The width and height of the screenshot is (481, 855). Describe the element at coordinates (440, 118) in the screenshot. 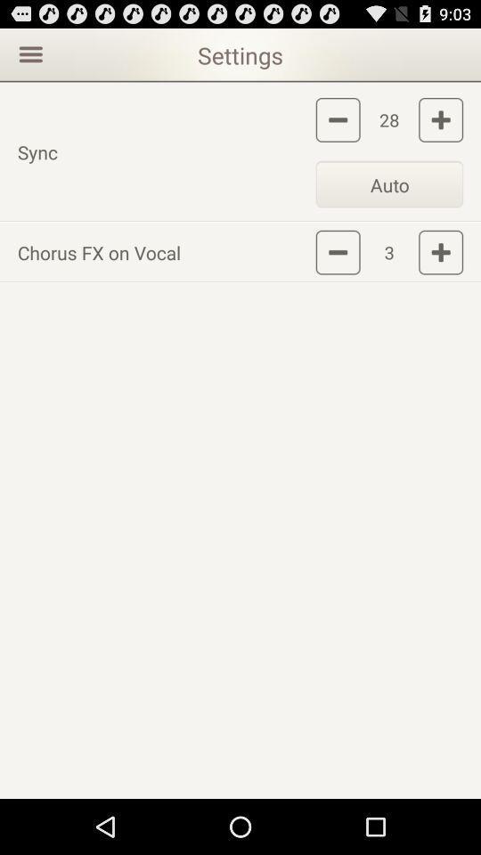

I see `increment one more` at that location.